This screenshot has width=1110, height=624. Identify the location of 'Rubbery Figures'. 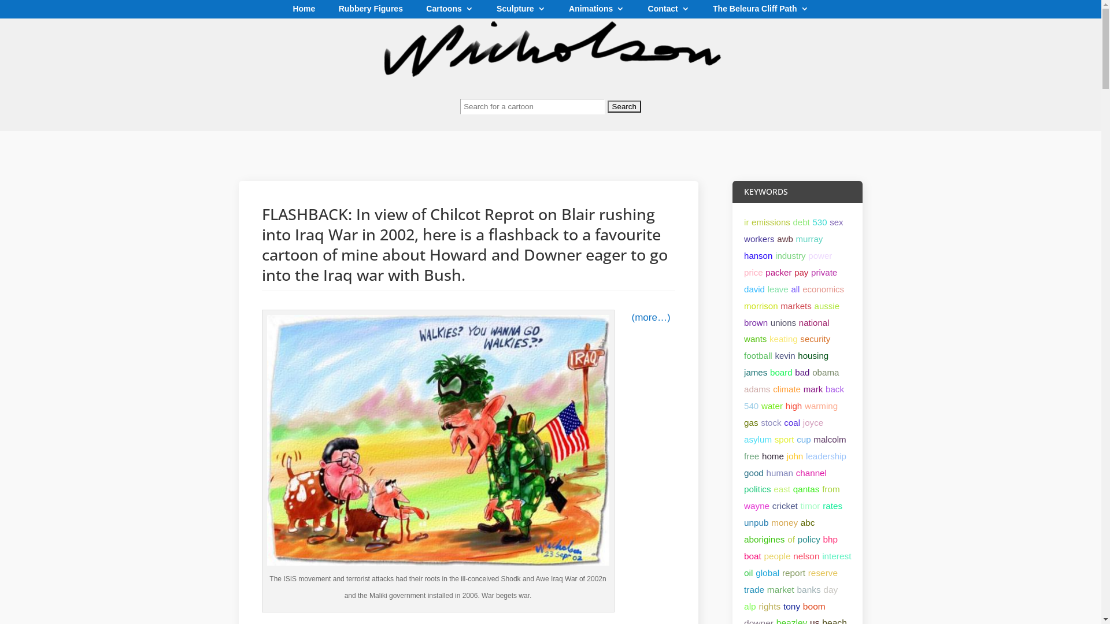
(371, 12).